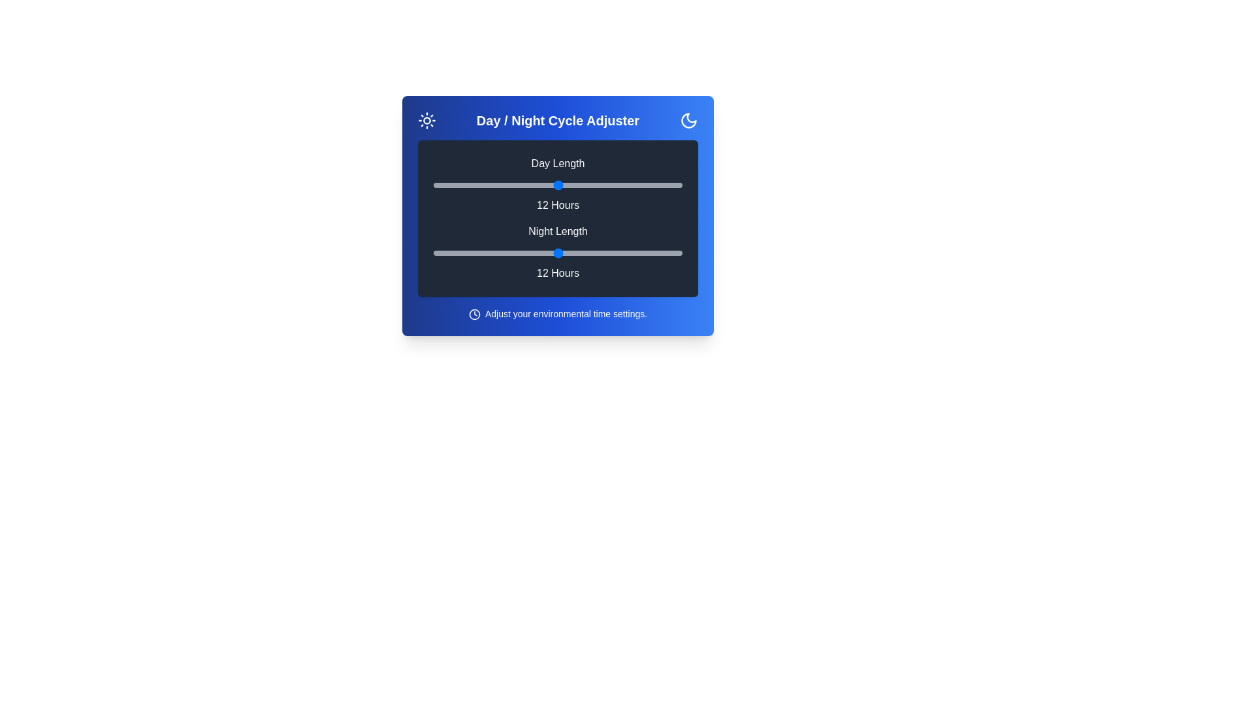 This screenshot has width=1254, height=705. What do you see at coordinates (662, 185) in the screenshot?
I see `the 'Day Length' slider to set the day duration to 17 hours` at bounding box center [662, 185].